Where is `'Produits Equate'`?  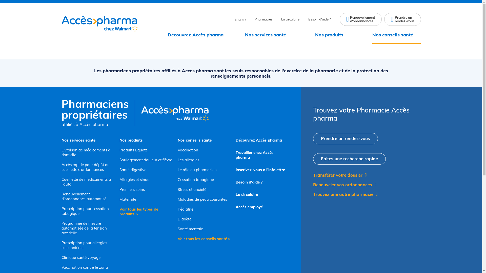
'Produits Equate' is located at coordinates (146, 150).